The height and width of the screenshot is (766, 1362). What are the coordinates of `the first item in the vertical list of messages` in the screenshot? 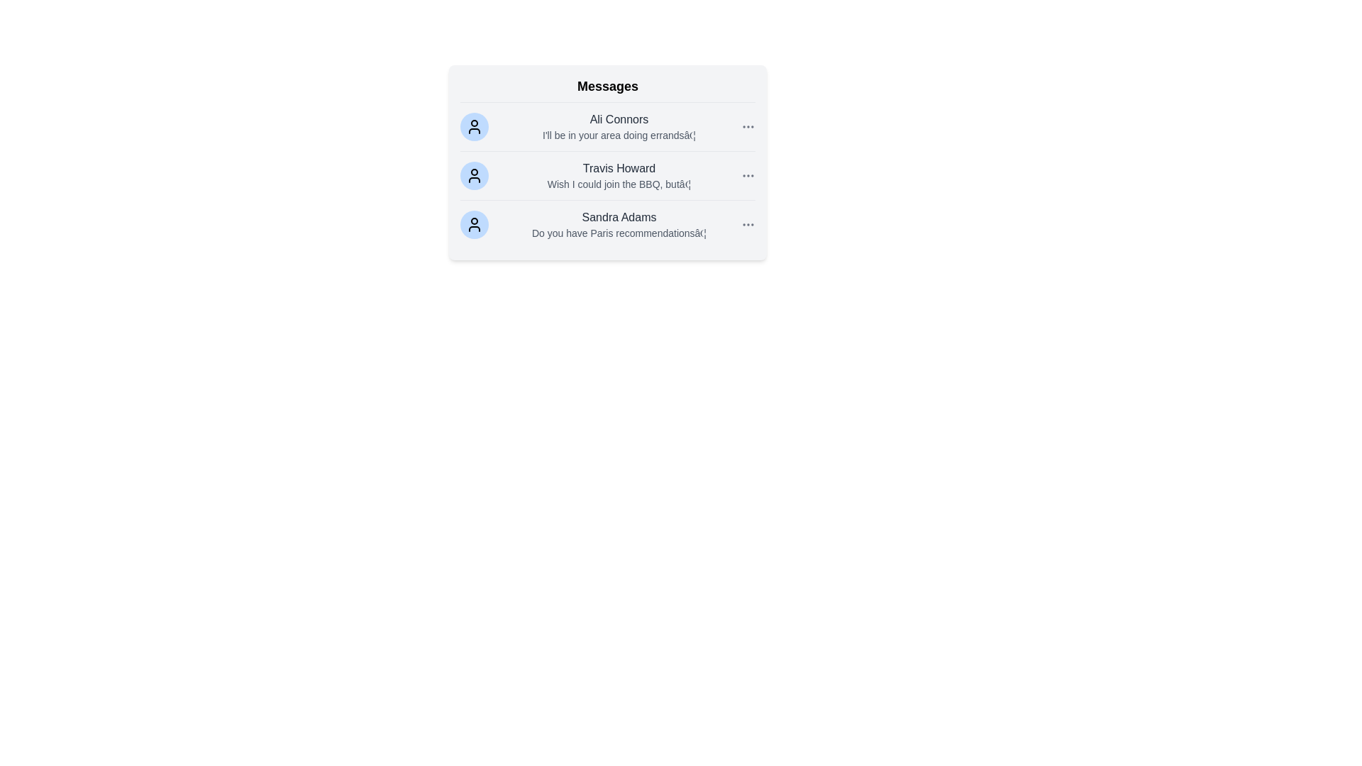 It's located at (608, 126).